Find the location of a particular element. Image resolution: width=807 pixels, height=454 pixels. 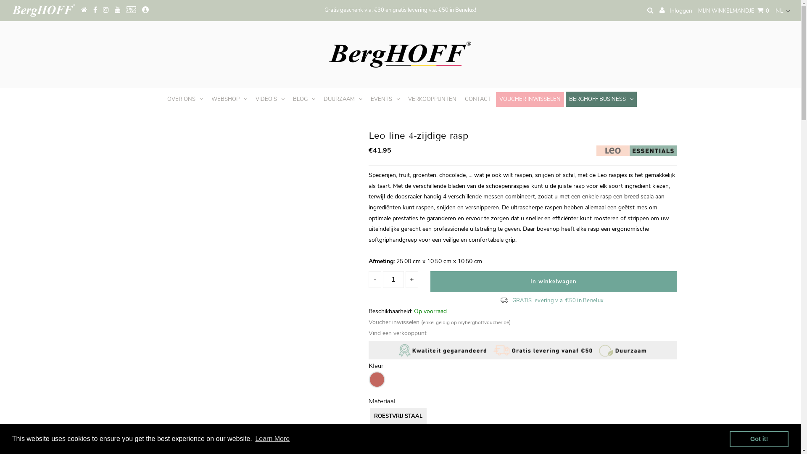

'MIJN WINKELMANDJE    0' is located at coordinates (733, 11).